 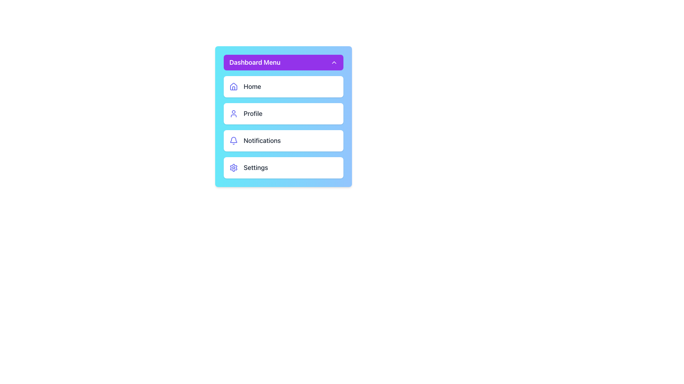 I want to click on the blue-indigo bell icon located to the left of the bold 'Notifications' label in the notification component, so click(x=234, y=141).